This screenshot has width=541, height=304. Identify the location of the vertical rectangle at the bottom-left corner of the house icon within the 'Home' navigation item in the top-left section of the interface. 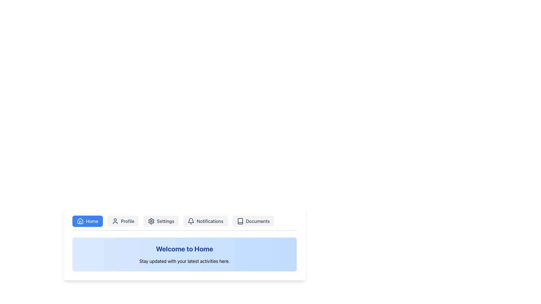
(80, 222).